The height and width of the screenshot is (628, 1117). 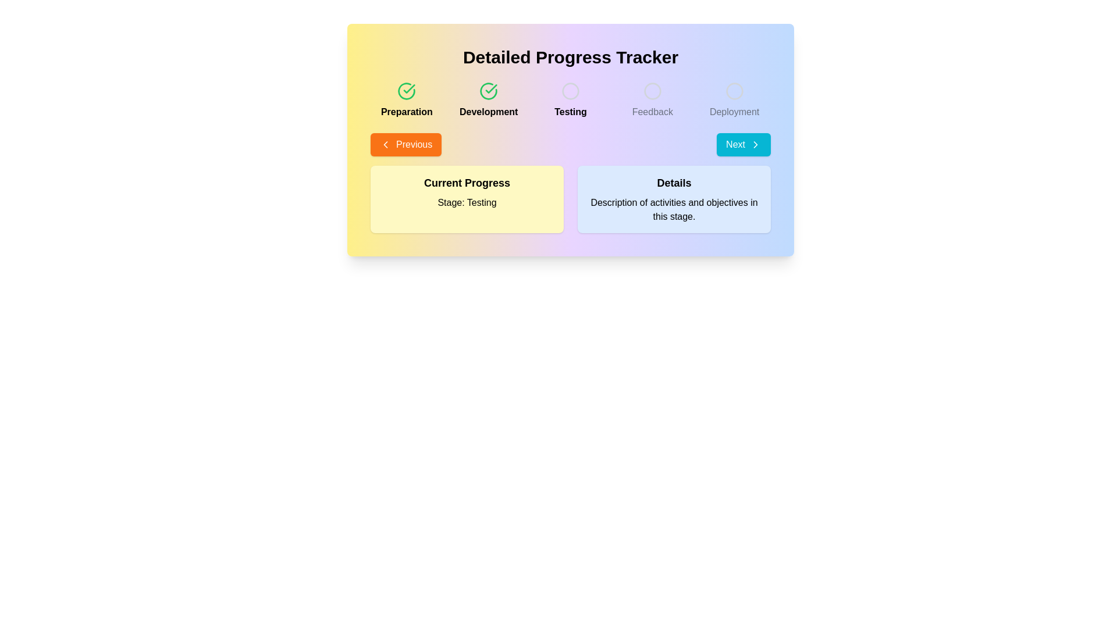 I want to click on the 'Feedback' phase in the progress tracker, which is the fourth item in a series of five steps, located between 'Testing' and 'Deployment', so click(x=652, y=100).